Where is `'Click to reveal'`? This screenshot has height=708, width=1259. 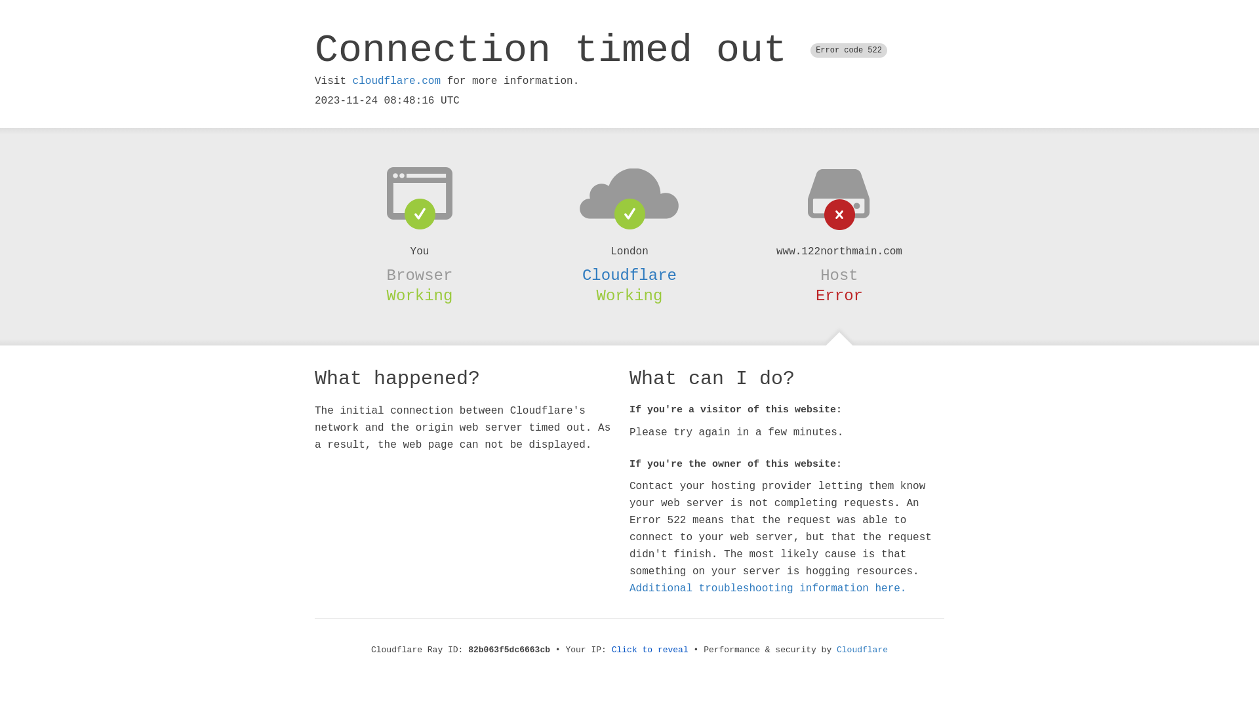 'Click to reveal' is located at coordinates (650, 650).